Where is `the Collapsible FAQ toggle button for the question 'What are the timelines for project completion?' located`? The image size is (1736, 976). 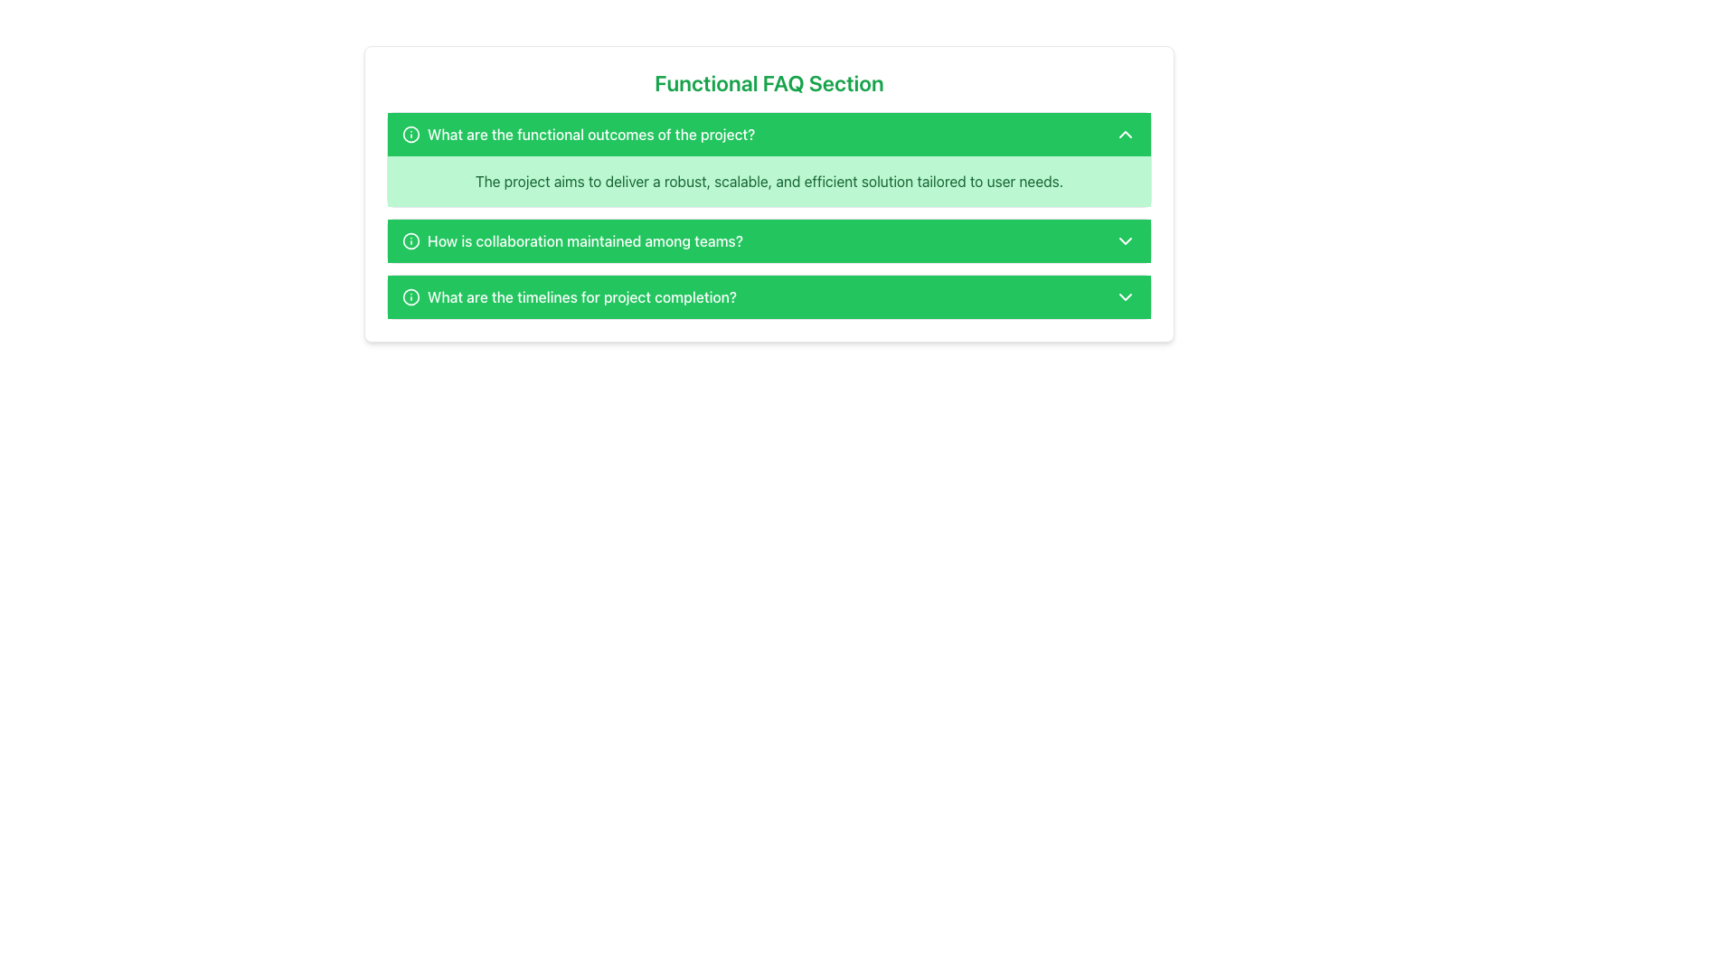
the Collapsible FAQ toggle button for the question 'What are the timelines for project completion?' located is located at coordinates (769, 296).